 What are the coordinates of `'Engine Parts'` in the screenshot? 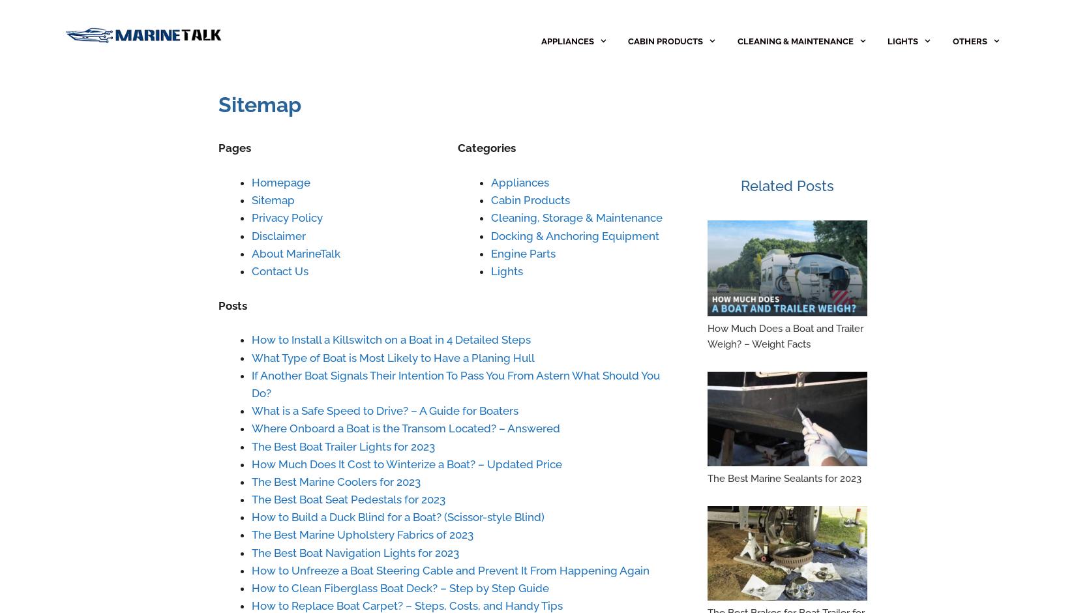 It's located at (522, 252).